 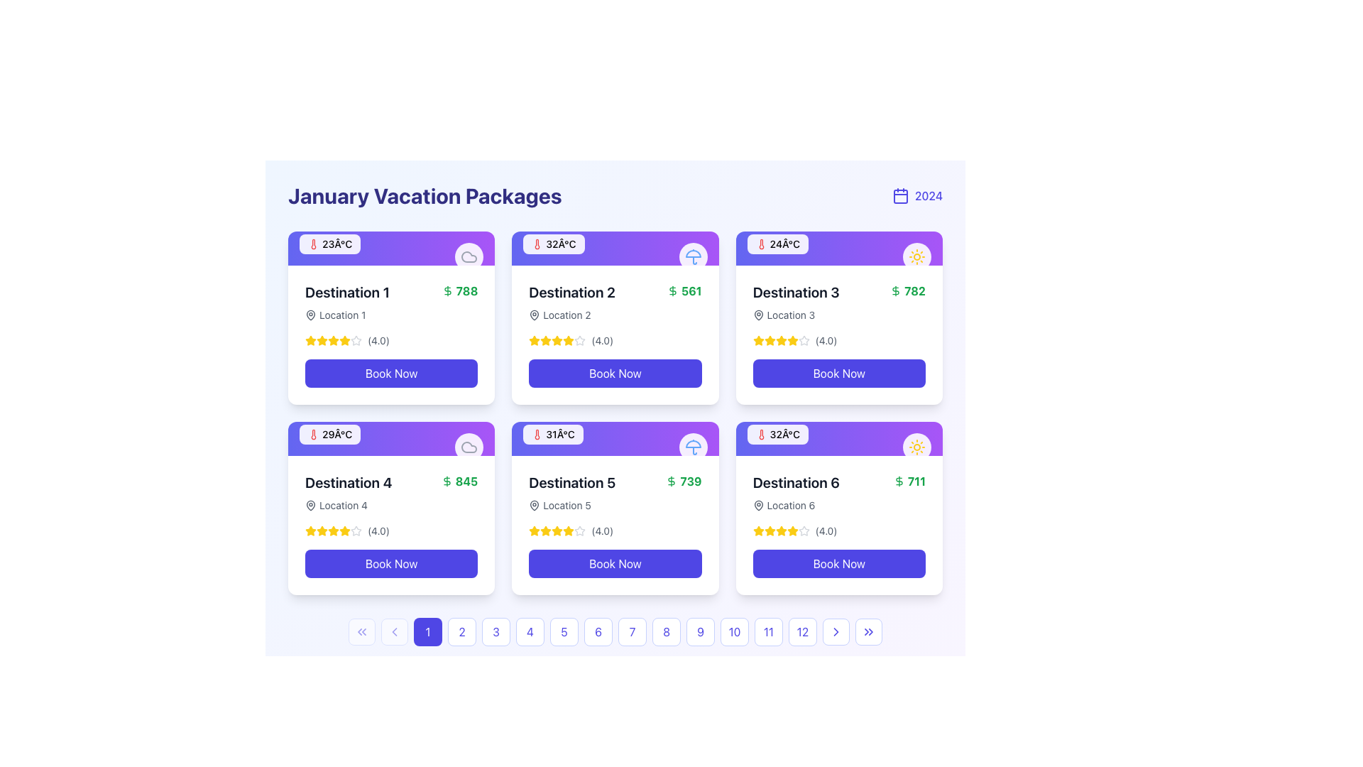 I want to click on the text label displaying 'Location 5', which is styled in gray and positioned below the title and price information of 'Destination 5' in the second card of a three-card layout, so click(x=566, y=505).